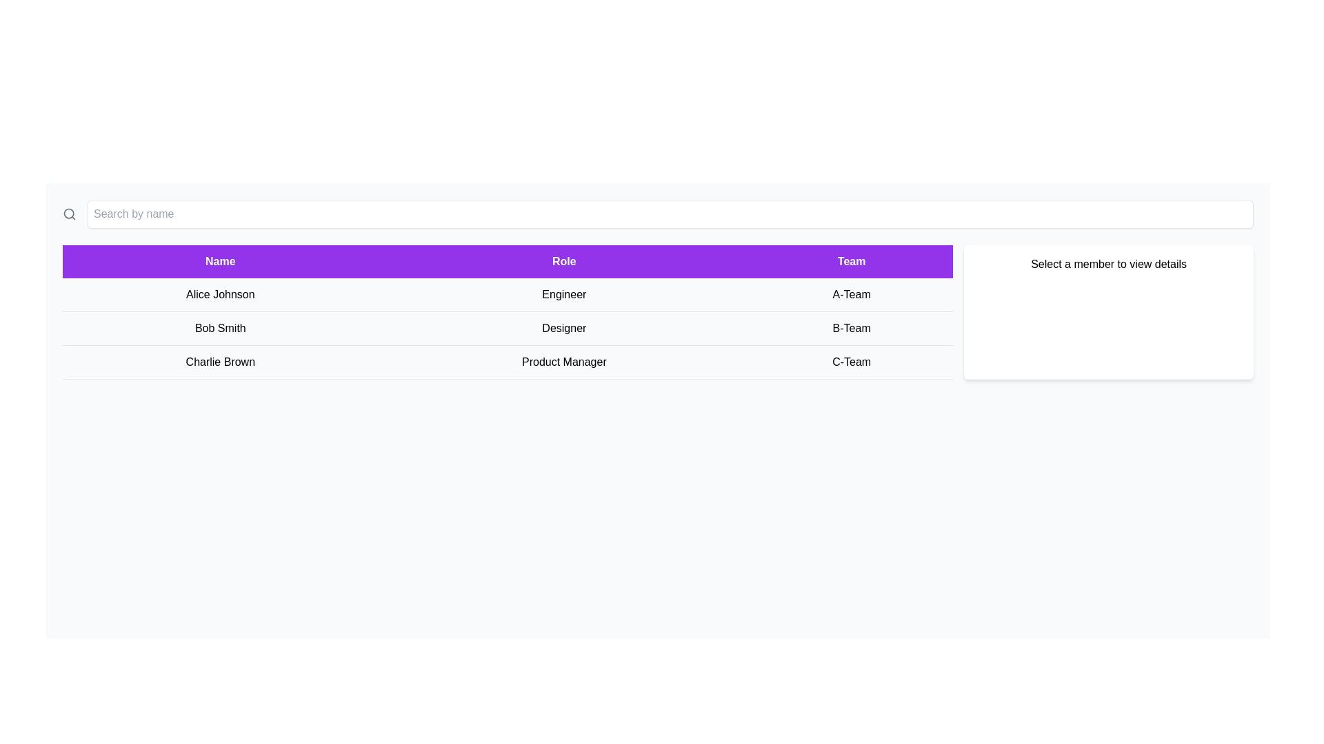 This screenshot has height=744, width=1324. I want to click on the 'Role' text label, which is a rectangular section with a purple background containing white text, positioned between 'Name' and 'Team' in a horizontal row of headers, so click(564, 262).